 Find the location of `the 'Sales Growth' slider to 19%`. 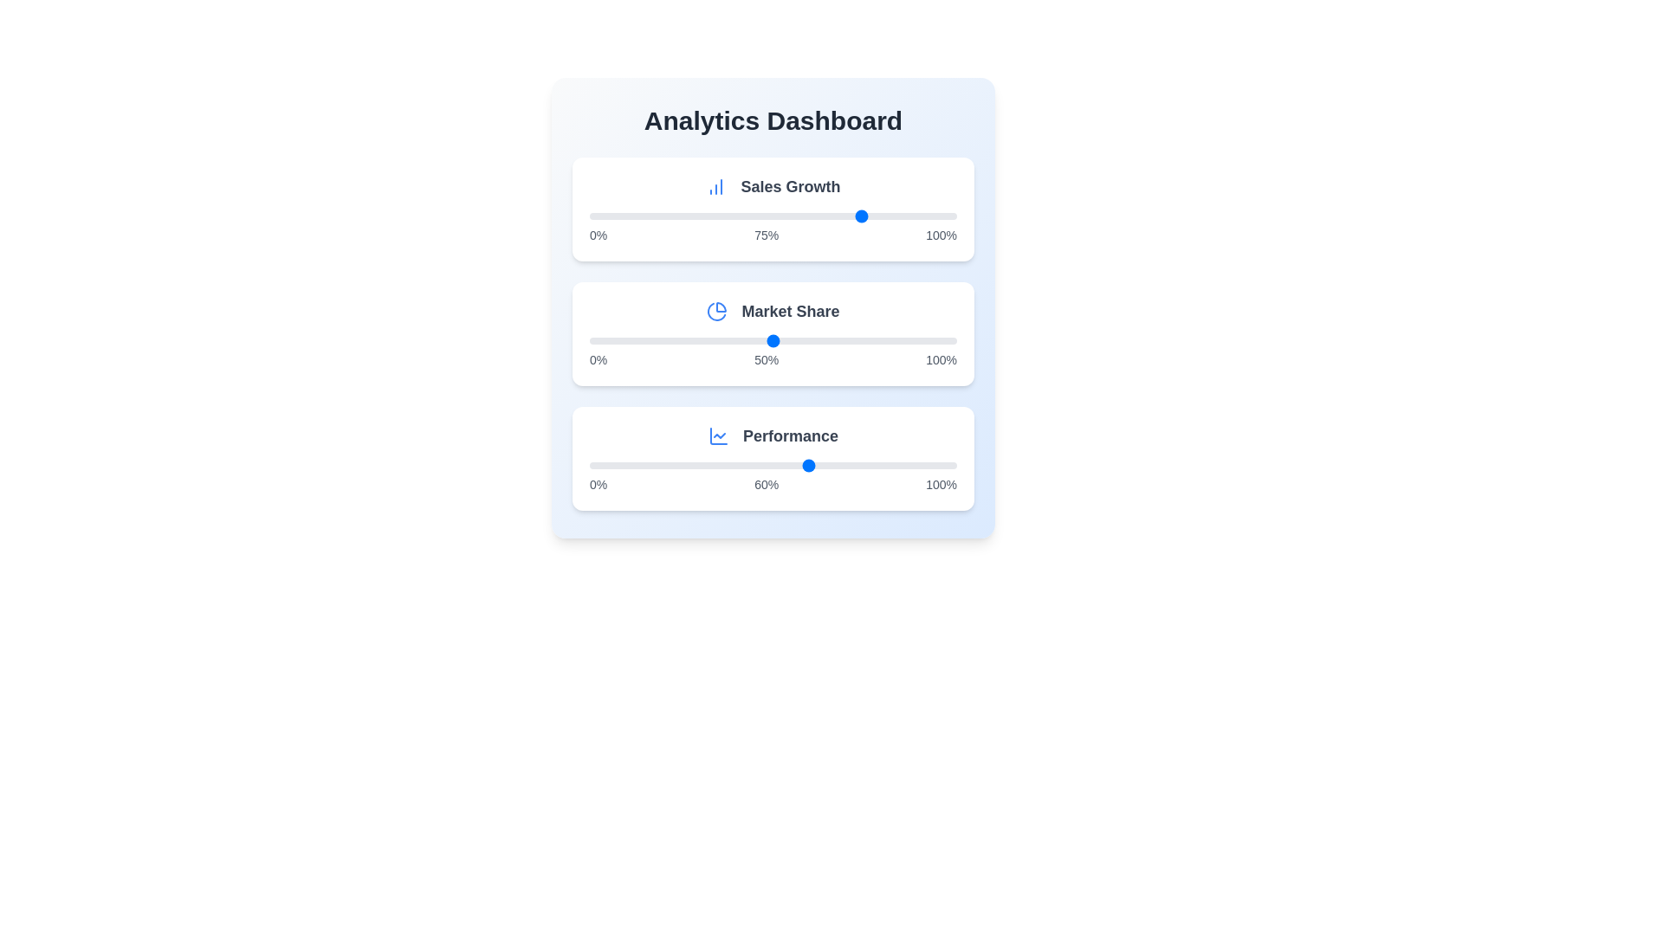

the 'Sales Growth' slider to 19% is located at coordinates (658, 216).